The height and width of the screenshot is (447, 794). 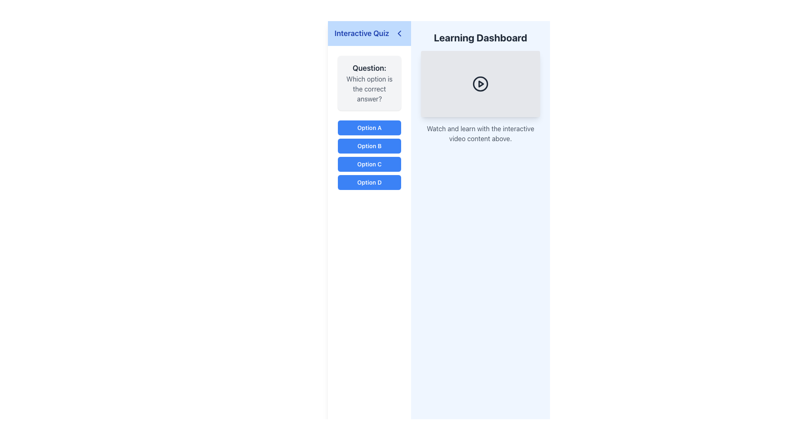 What do you see at coordinates (369, 146) in the screenshot?
I see `the second button labeled 'Option B' in the vertical stack of four buttons used for selecting an answer in a multiple-choice question context` at bounding box center [369, 146].